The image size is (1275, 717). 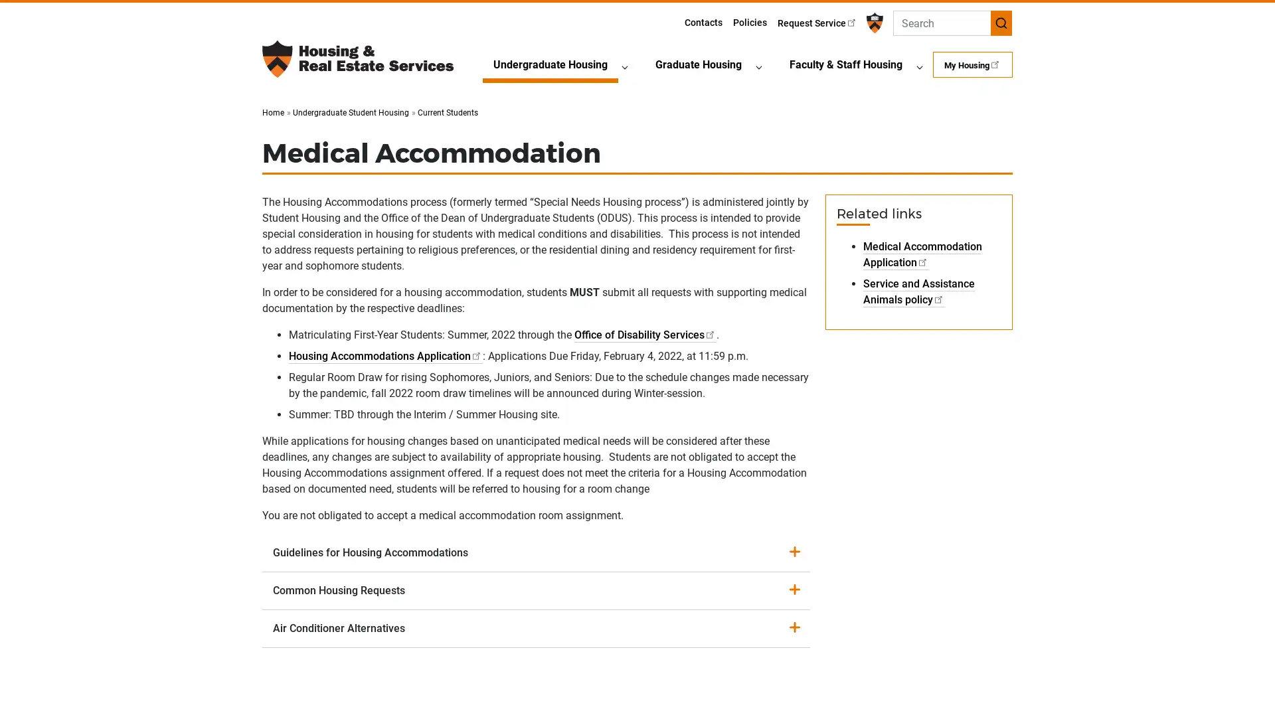 What do you see at coordinates (919, 67) in the screenshot?
I see `Faculty & Staff HousingSubmenu` at bounding box center [919, 67].